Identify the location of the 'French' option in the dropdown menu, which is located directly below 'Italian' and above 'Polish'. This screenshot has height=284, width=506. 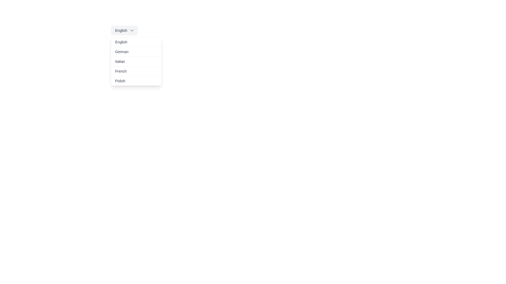
(136, 71).